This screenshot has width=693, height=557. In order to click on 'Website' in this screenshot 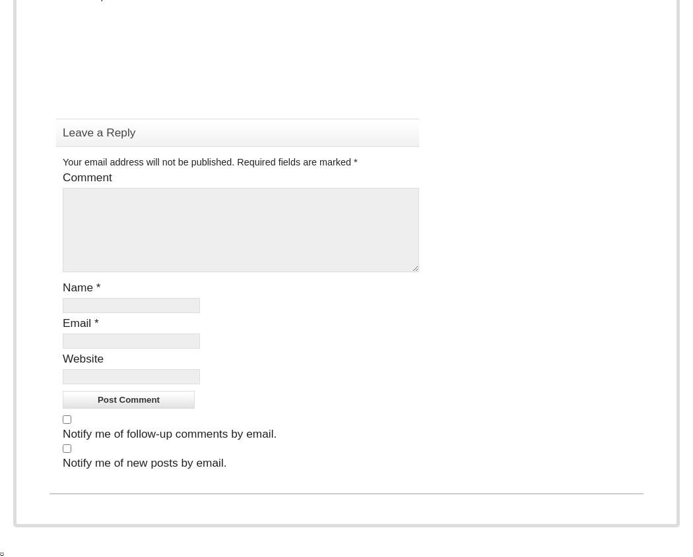, I will do `click(82, 358)`.